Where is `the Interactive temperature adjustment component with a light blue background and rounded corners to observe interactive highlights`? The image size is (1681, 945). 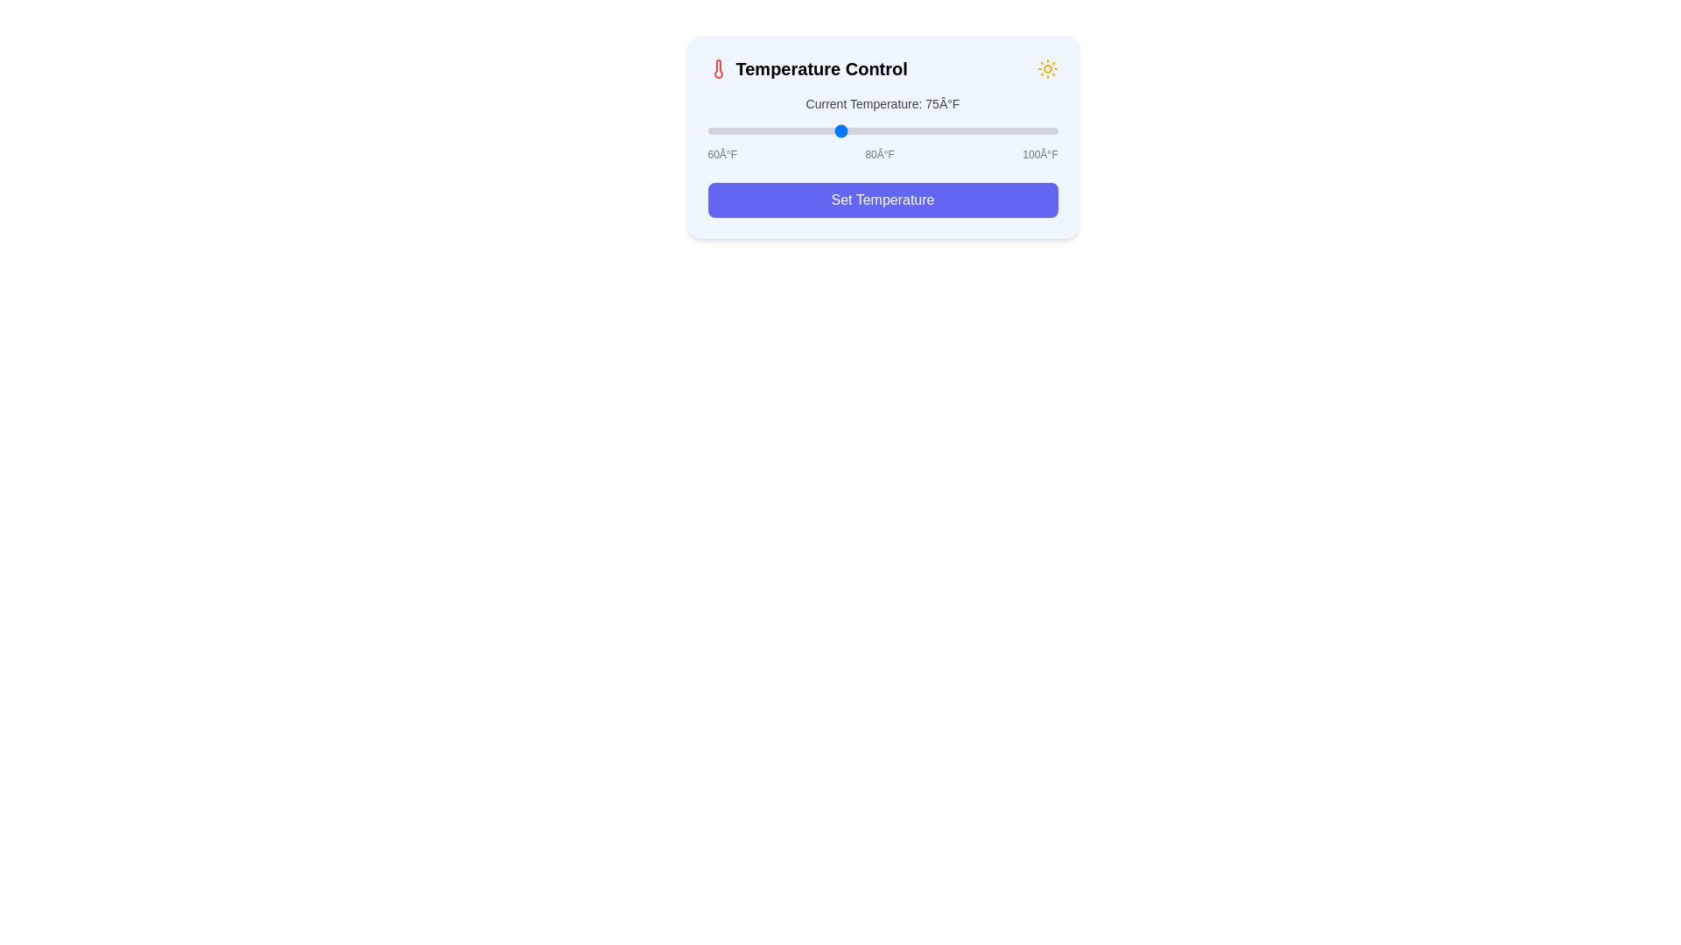 the Interactive temperature adjustment component with a light blue background and rounded corners to observe interactive highlights is located at coordinates (883, 136).